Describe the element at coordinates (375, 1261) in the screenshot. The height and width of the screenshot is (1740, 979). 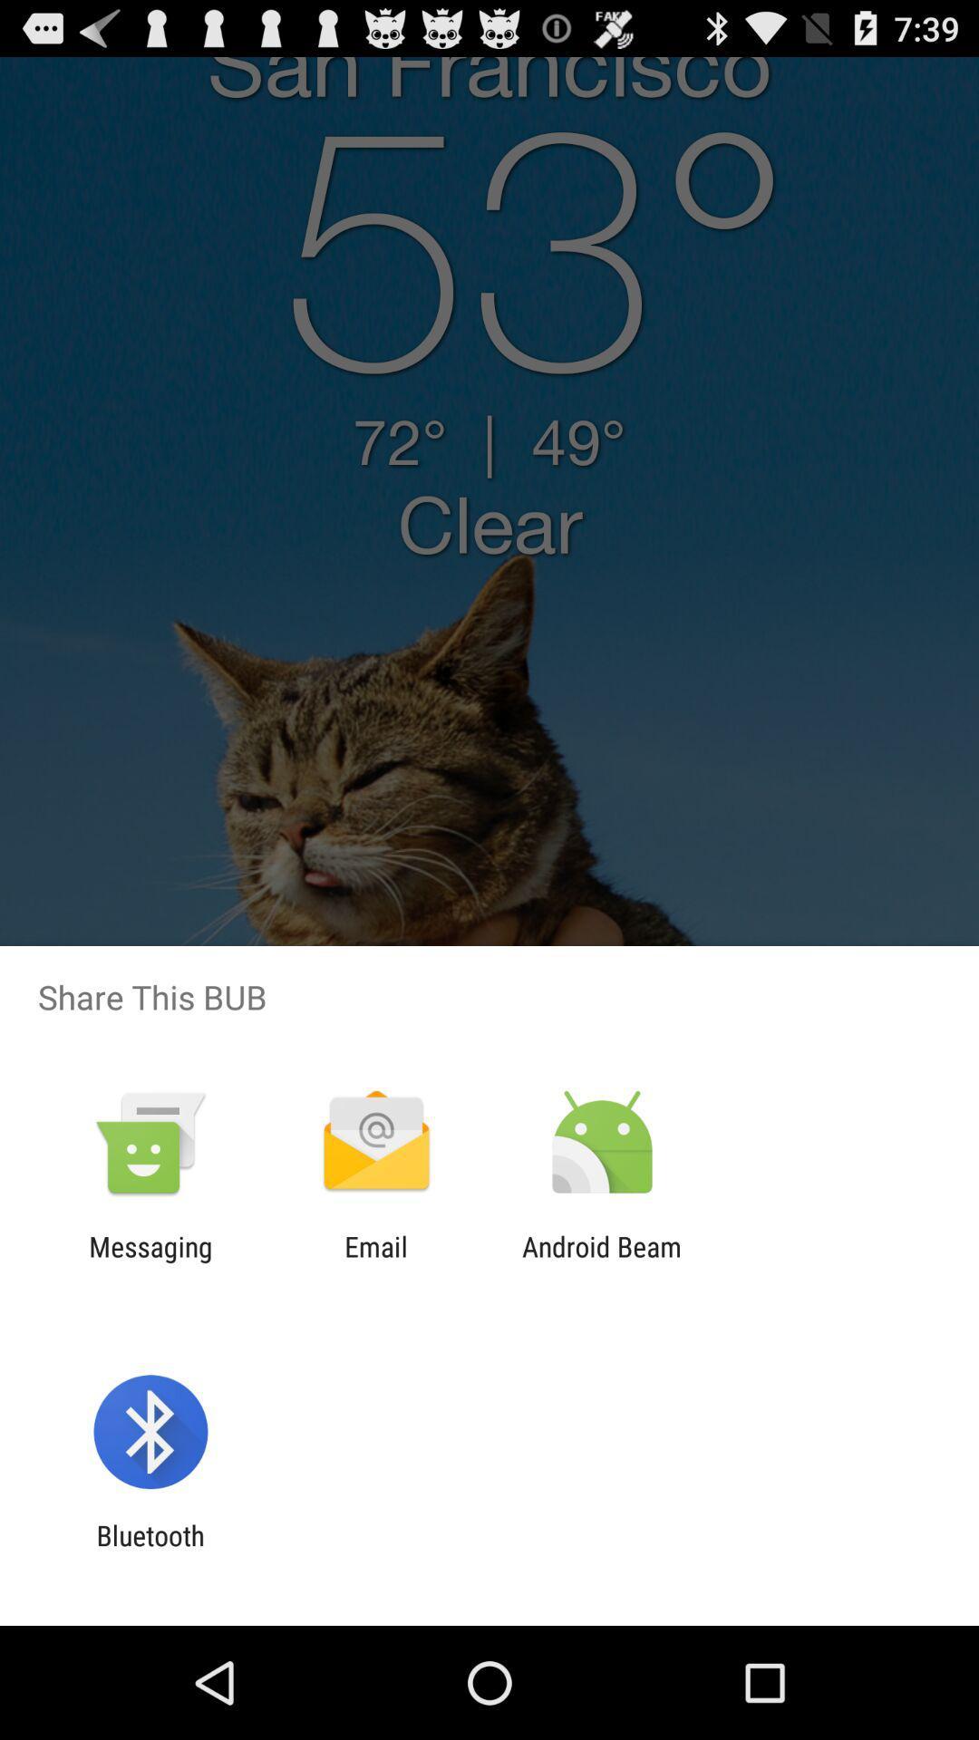
I see `the app to the left of android beam item` at that location.